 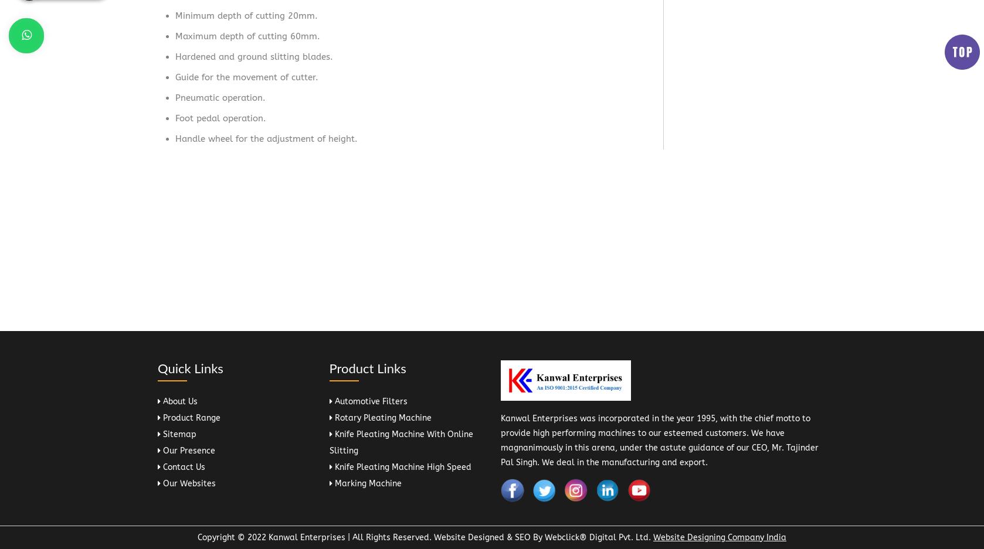 What do you see at coordinates (188, 482) in the screenshot?
I see `'Our Websites'` at bounding box center [188, 482].